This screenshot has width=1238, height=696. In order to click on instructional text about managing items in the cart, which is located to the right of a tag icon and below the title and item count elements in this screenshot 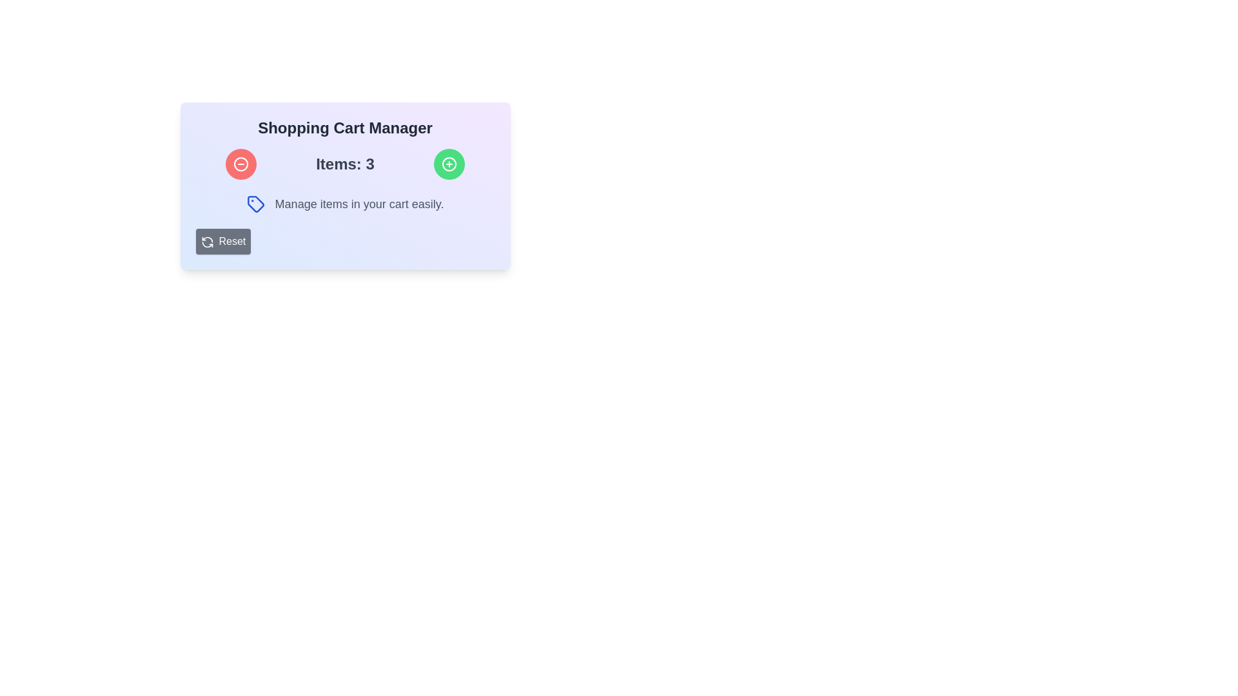, I will do `click(359, 203)`.